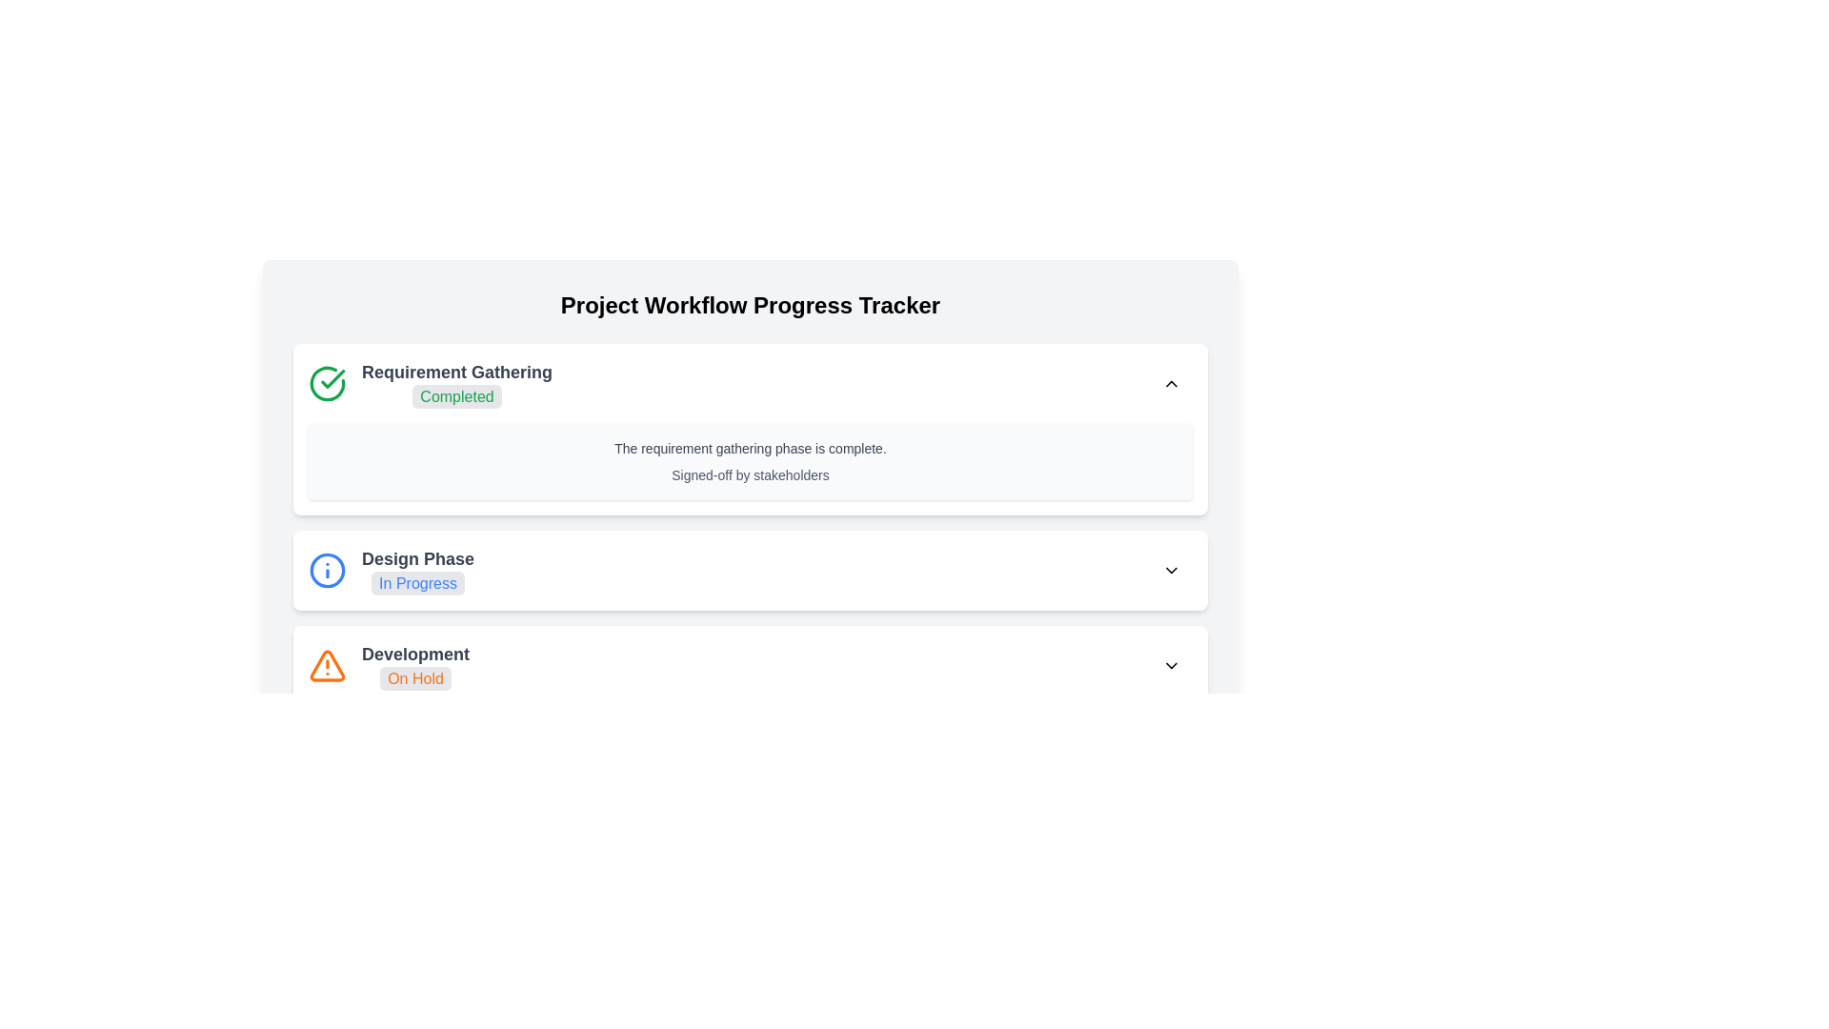 This screenshot has height=1029, width=1829. I want to click on text label that provides a status update about the requirement gathering phase, located above the text 'Signed-off by stakeholders' in the 'Requirement Gathering' section, so click(749, 448).